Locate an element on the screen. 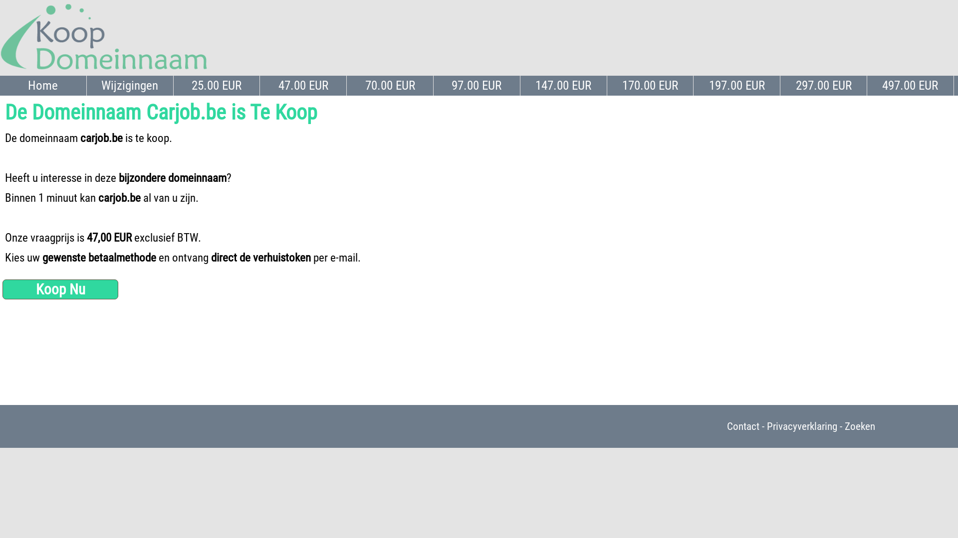 The width and height of the screenshot is (958, 538). '47.00 EUR' is located at coordinates (303, 85).